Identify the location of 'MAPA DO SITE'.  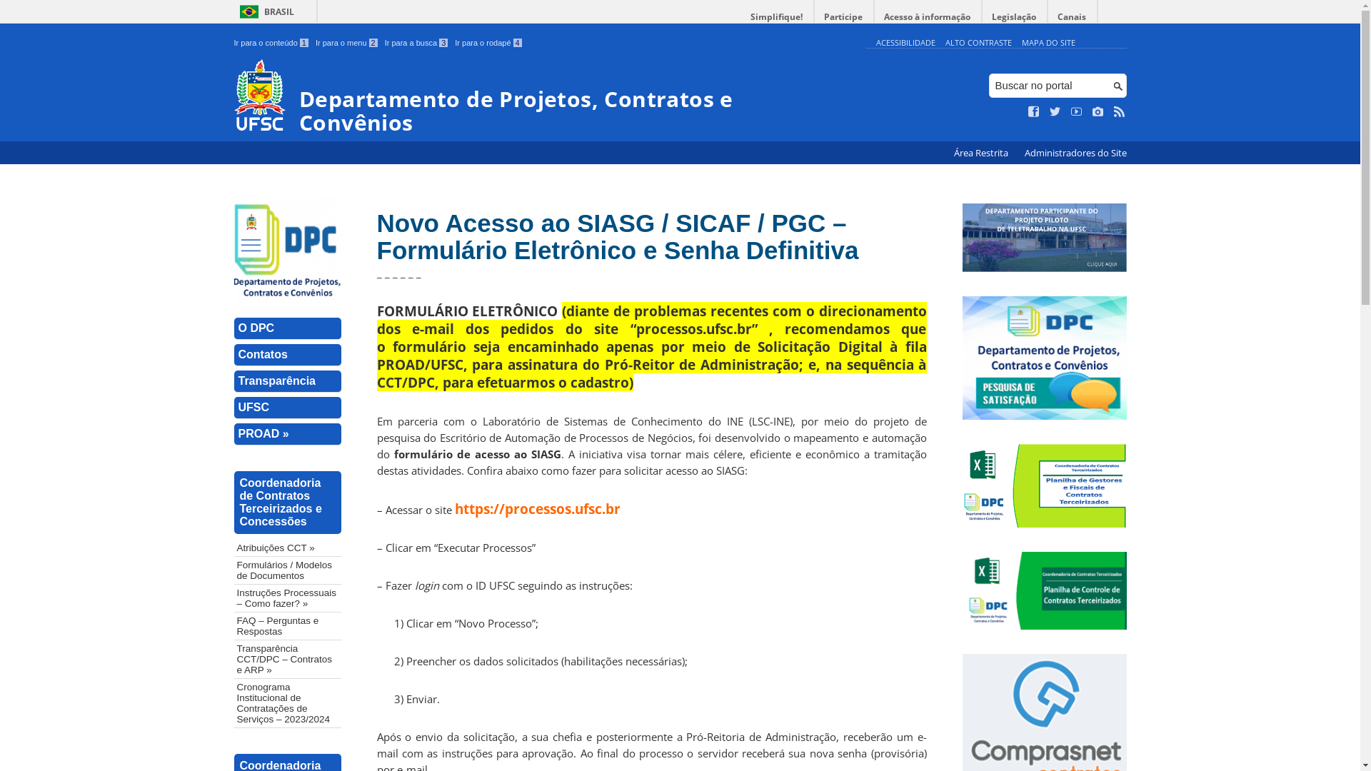
(1048, 41).